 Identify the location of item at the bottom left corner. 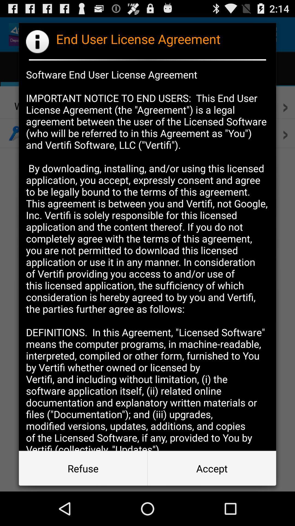
(83, 468).